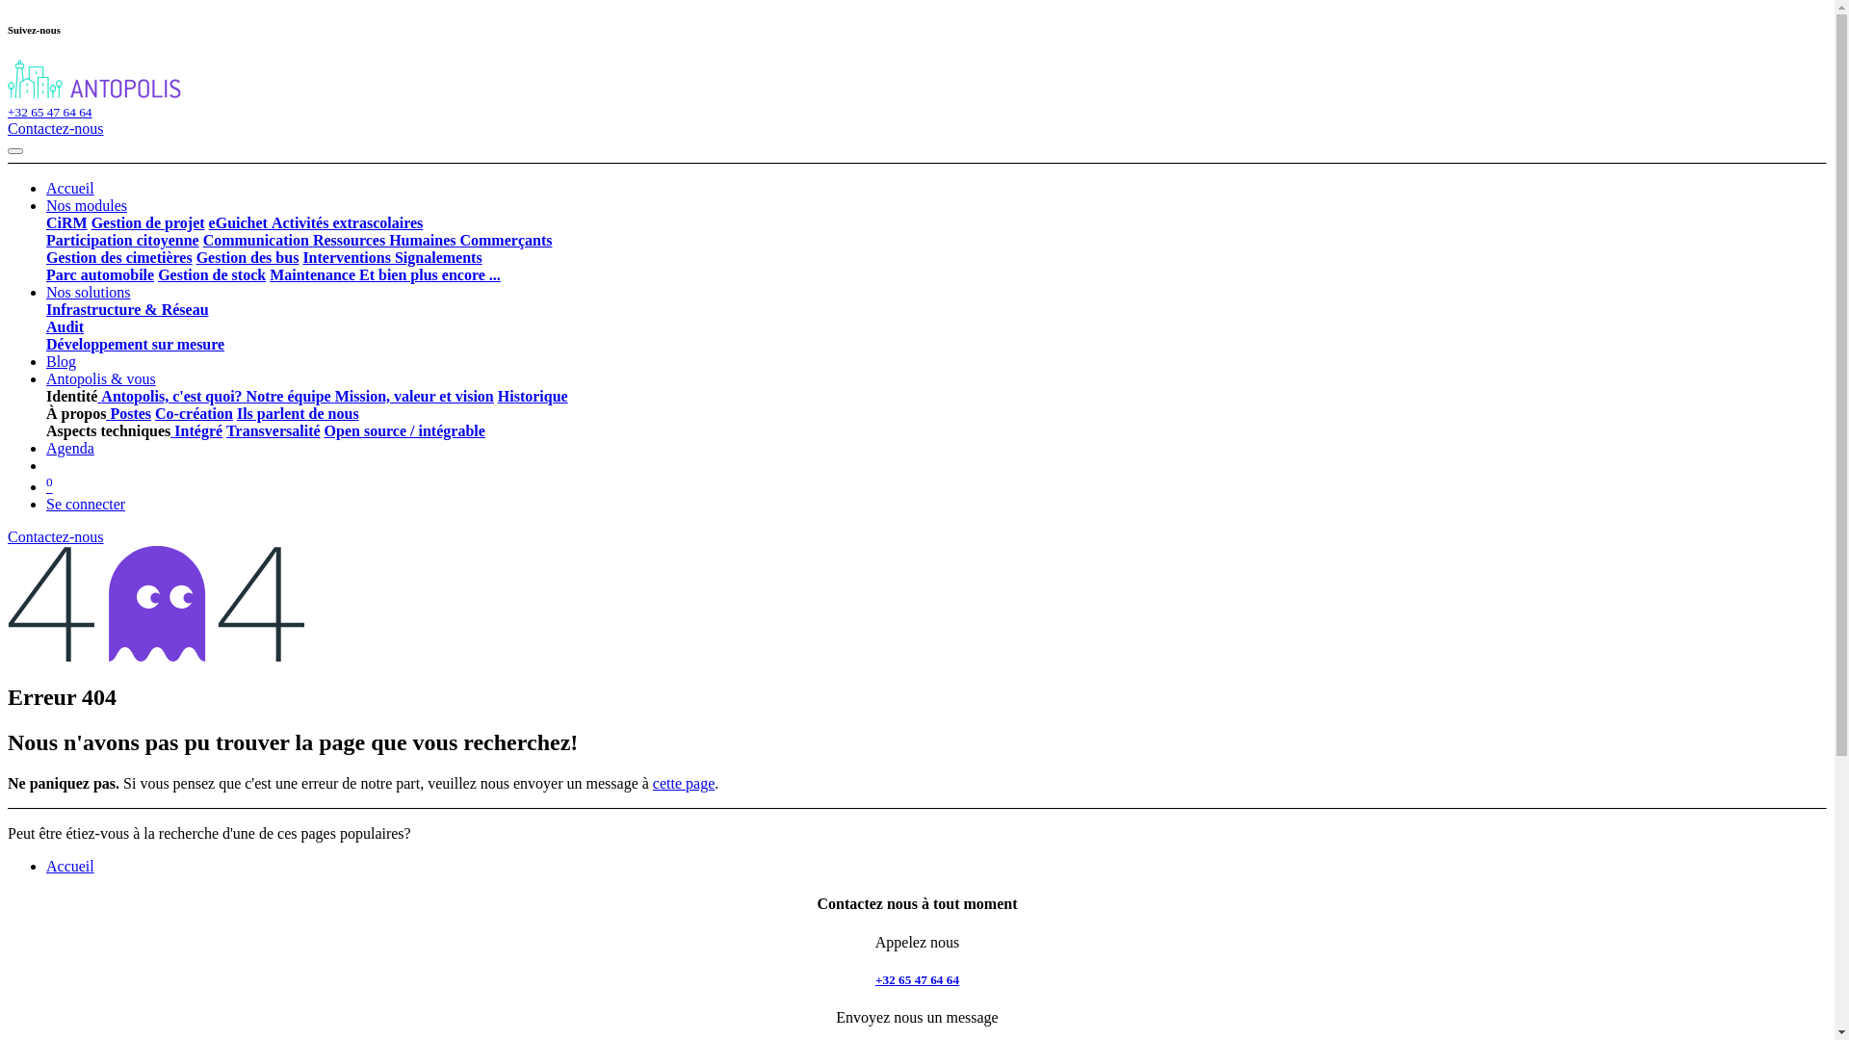 The width and height of the screenshot is (1849, 1040). I want to click on 'Nos solutions', so click(87, 292).